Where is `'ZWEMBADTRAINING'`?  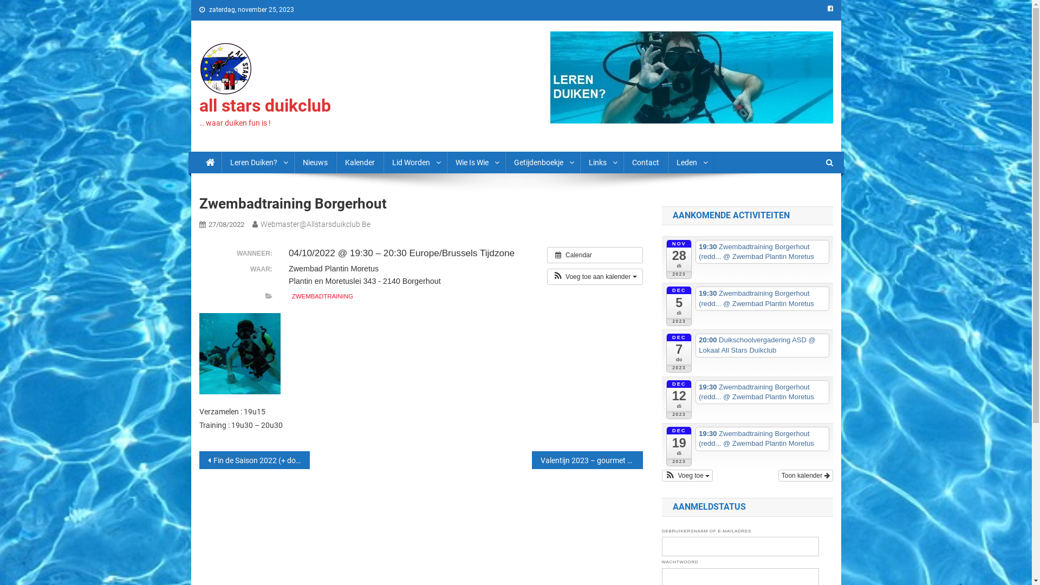 'ZWEMBADTRAINING' is located at coordinates (322, 296).